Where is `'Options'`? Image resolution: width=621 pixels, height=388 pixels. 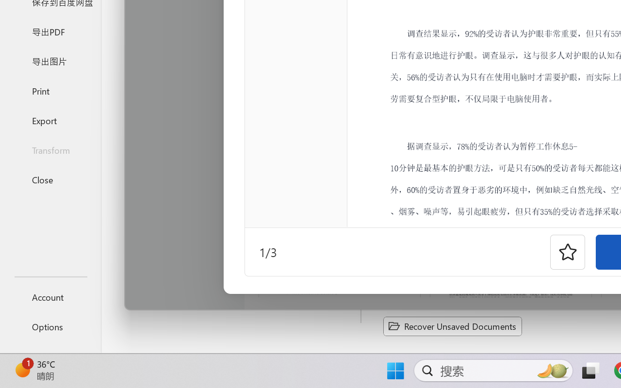 'Options' is located at coordinates (50, 326).